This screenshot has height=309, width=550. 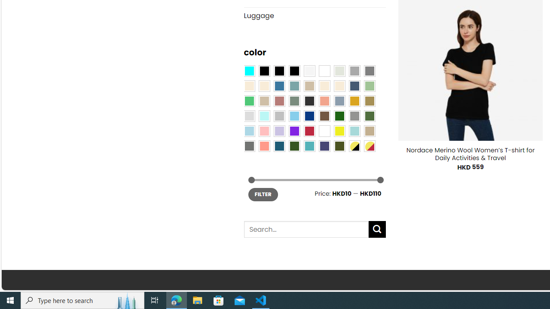 What do you see at coordinates (324, 70) in the screenshot?
I see `'Clear'` at bounding box center [324, 70].